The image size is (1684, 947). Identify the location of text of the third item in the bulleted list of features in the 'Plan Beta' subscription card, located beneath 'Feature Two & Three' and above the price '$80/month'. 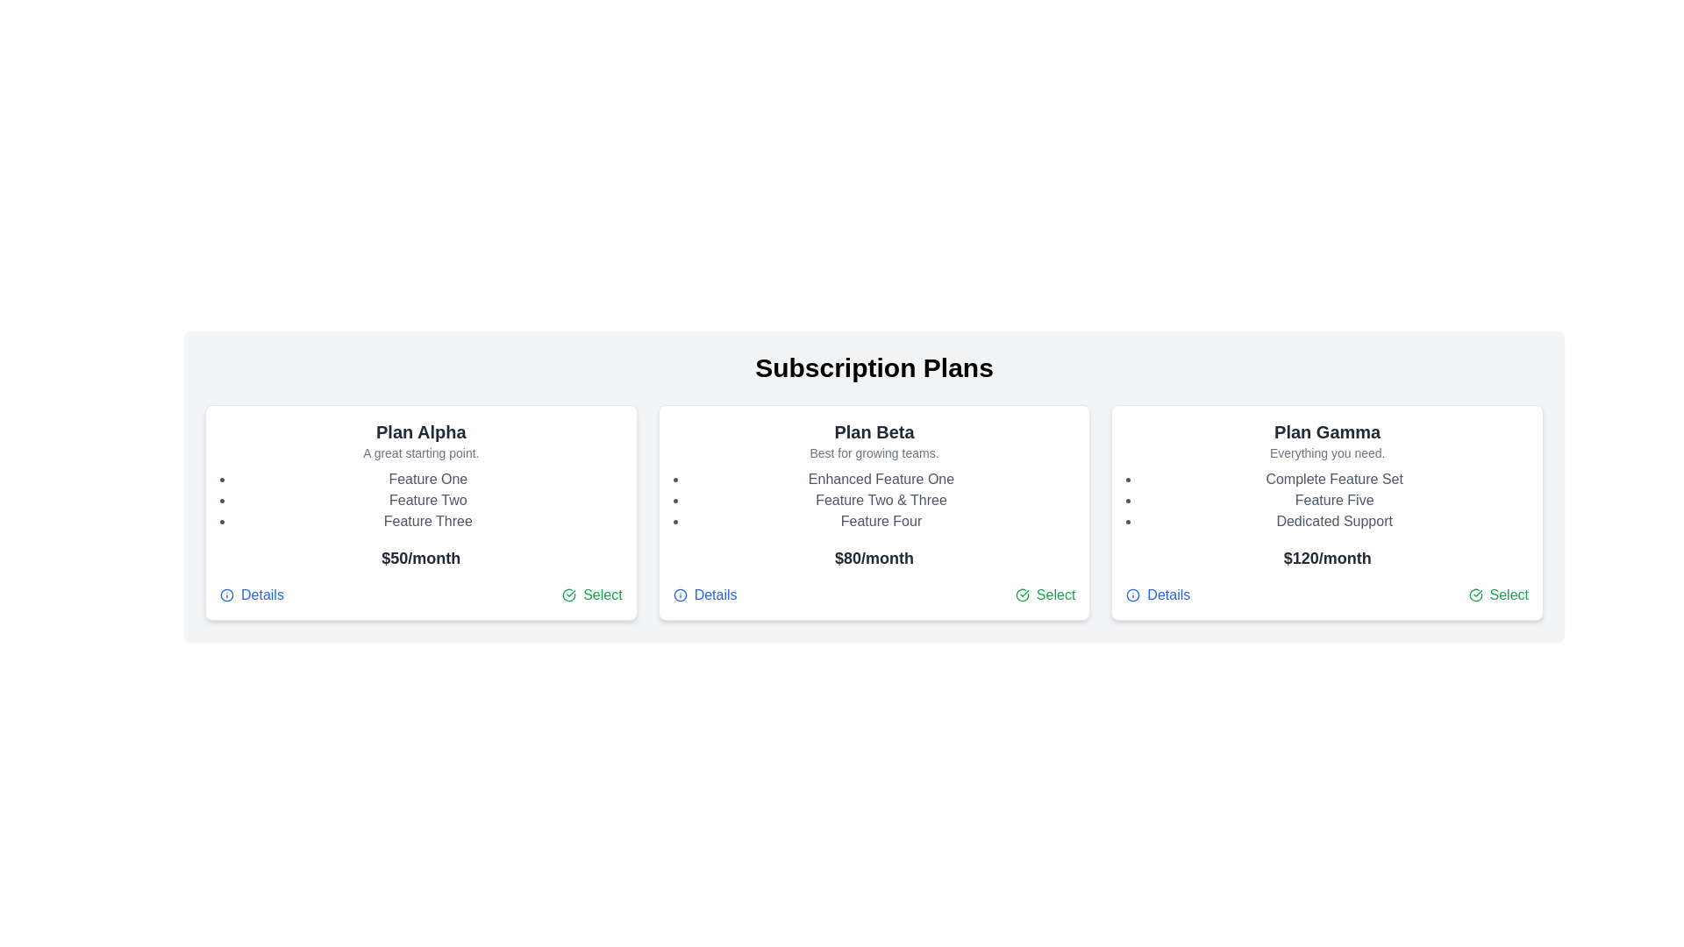
(881, 520).